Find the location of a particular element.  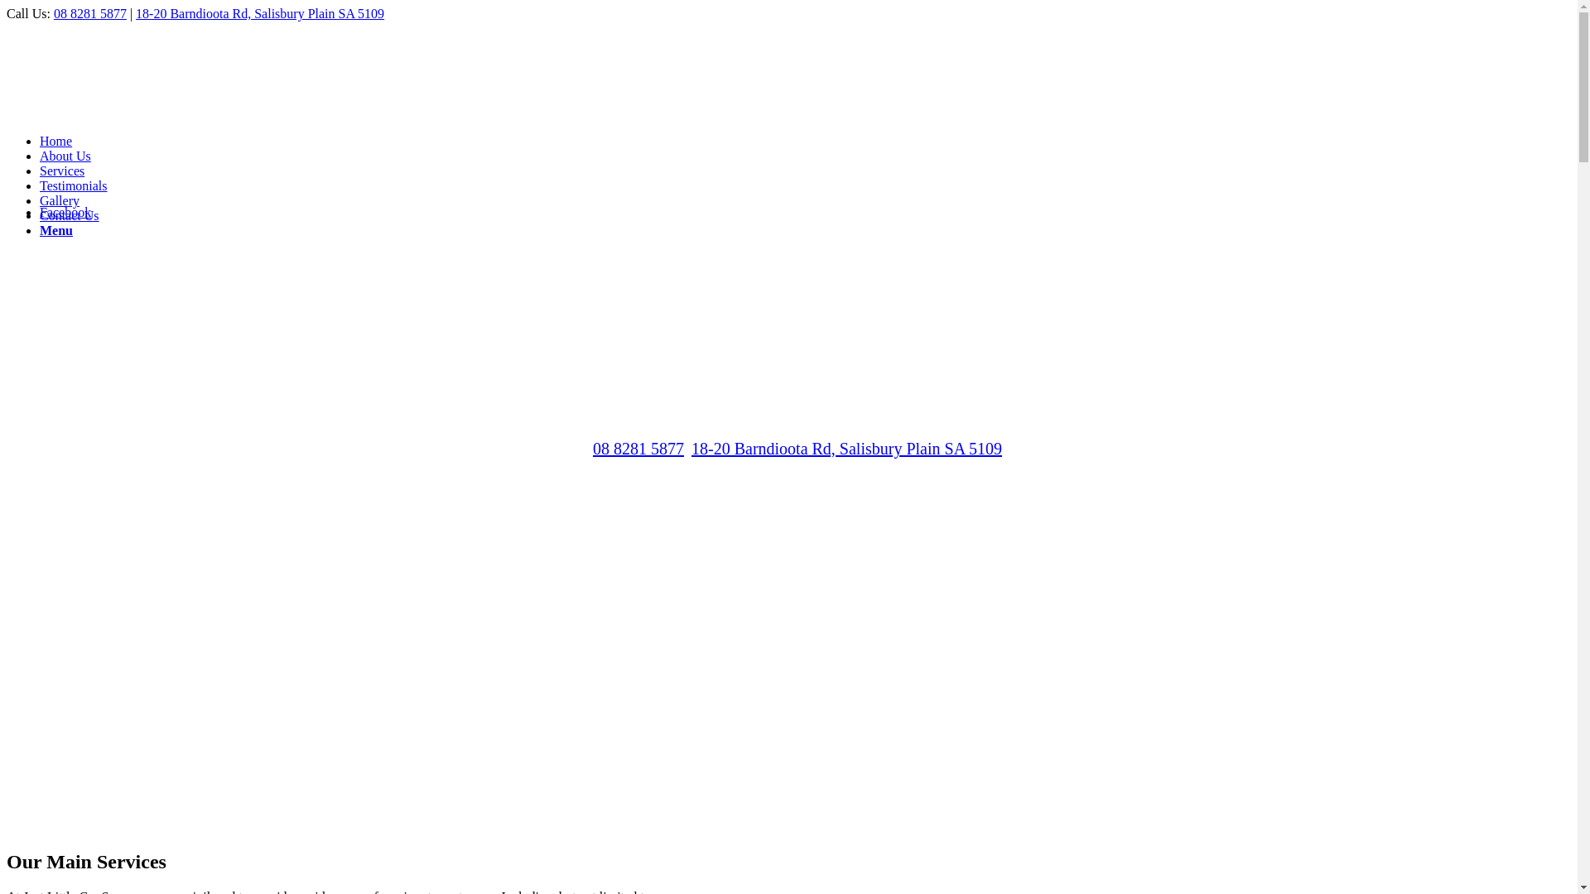

'18-20 Barndioota Rd, Salisbury Plain SA 5109' is located at coordinates (258, 13).